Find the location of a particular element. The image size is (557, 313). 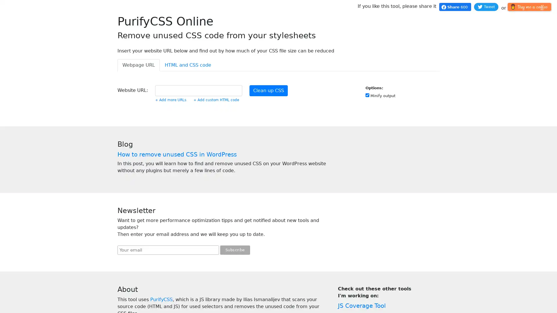

Subscribe is located at coordinates (235, 250).